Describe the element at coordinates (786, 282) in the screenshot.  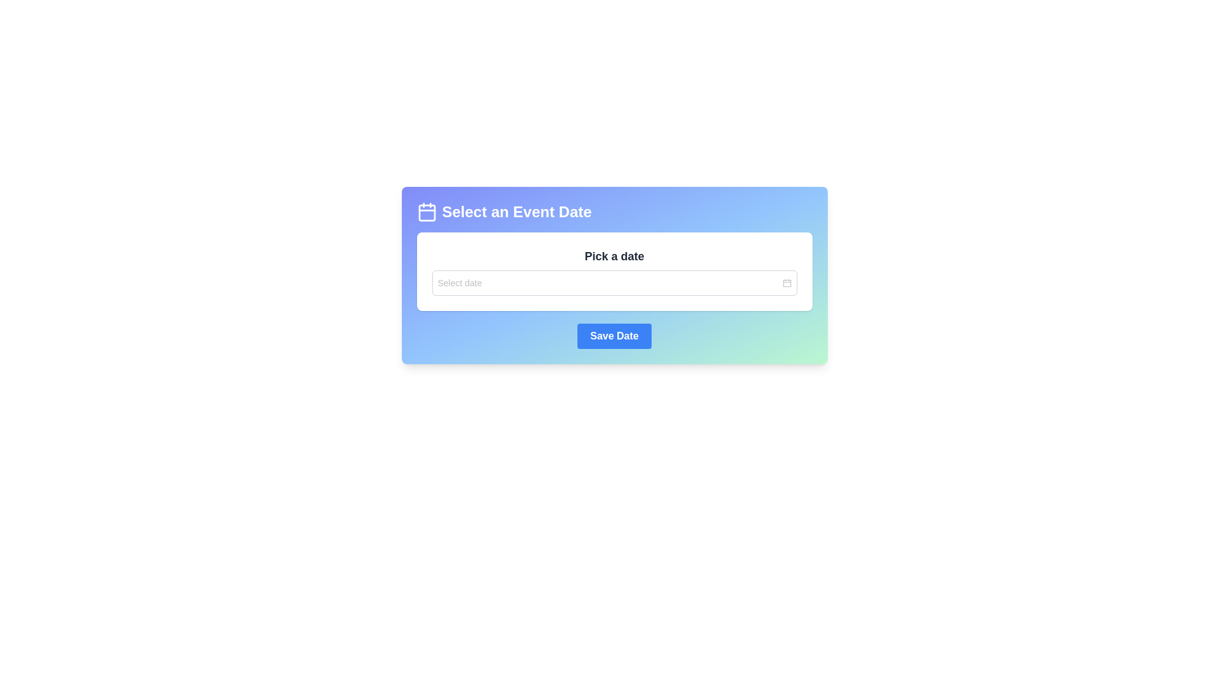
I see `the calendar icon located in the suffix area of the date picker input field, which is the rightmost component adjacent to the date input clear space` at that location.